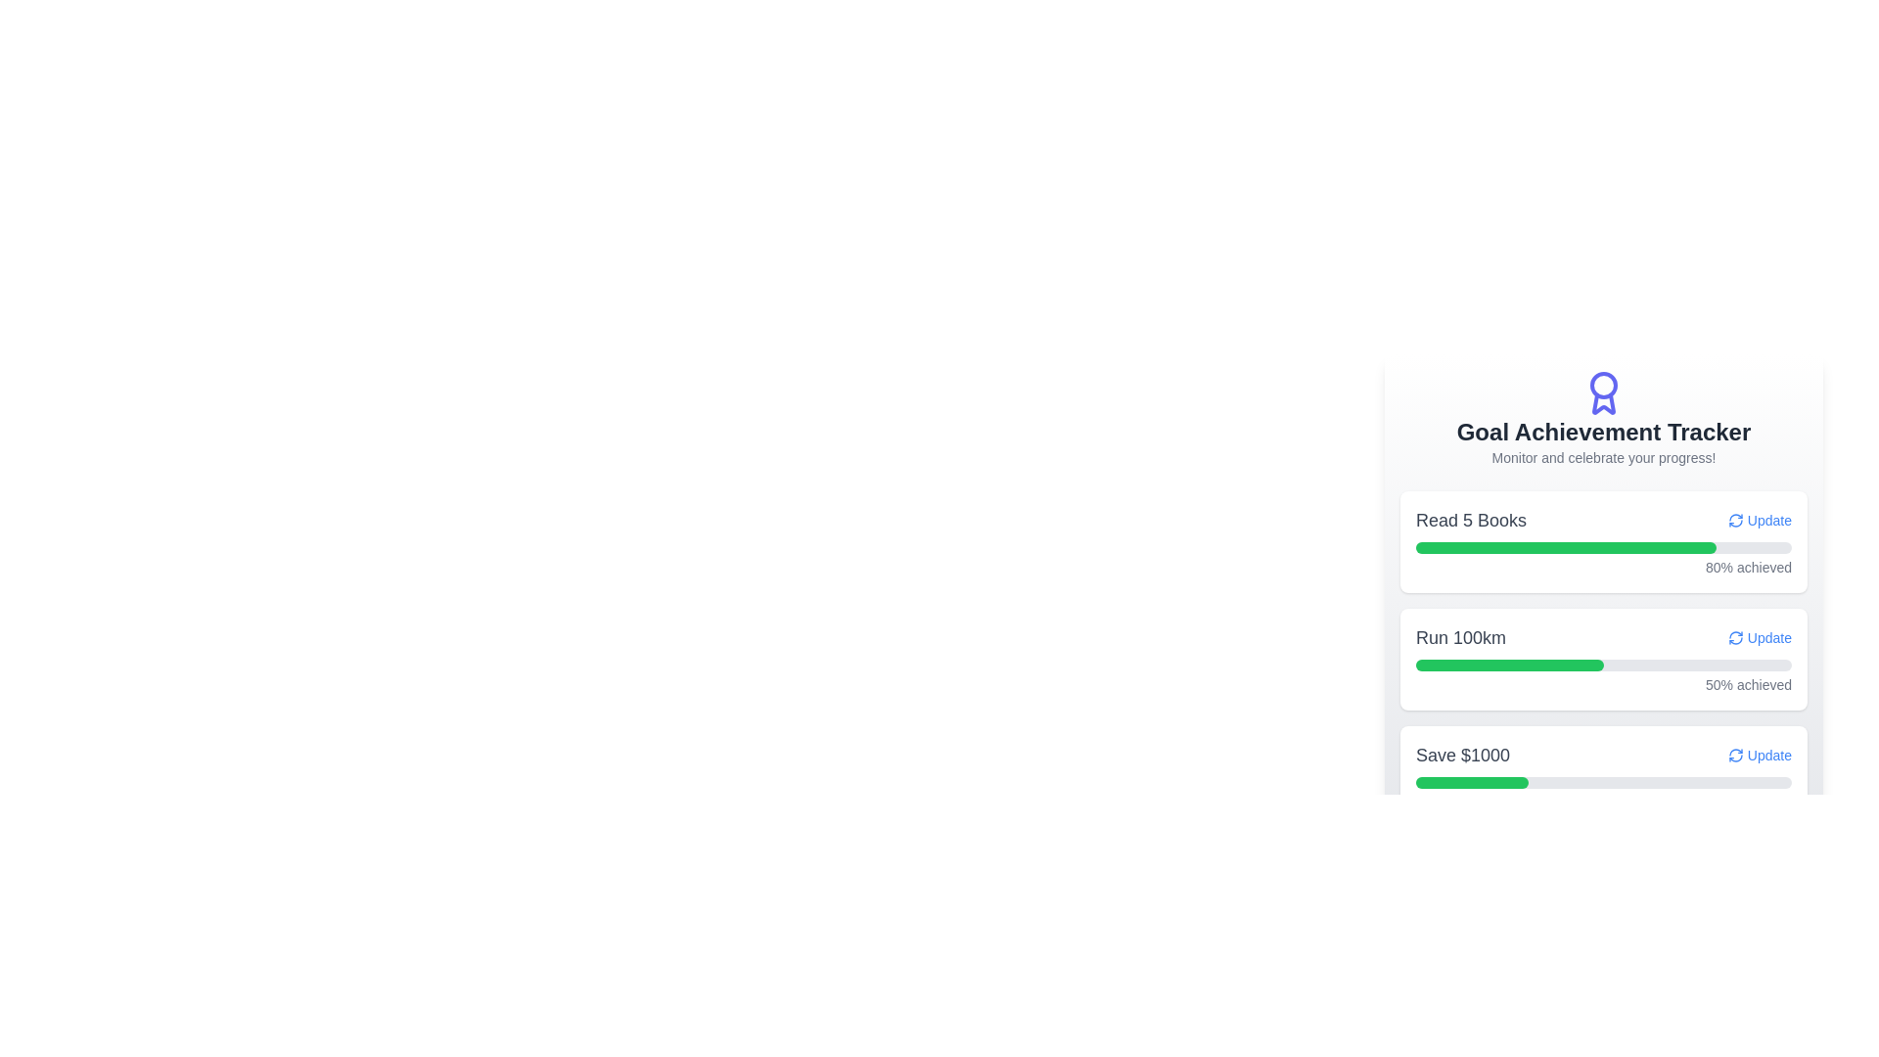 This screenshot has height=1057, width=1879. I want to click on the achievement icon located in the header of the 'Goal Achievement Tracker' section, which visually represents the concept of achievement or awards, so click(1603, 392).